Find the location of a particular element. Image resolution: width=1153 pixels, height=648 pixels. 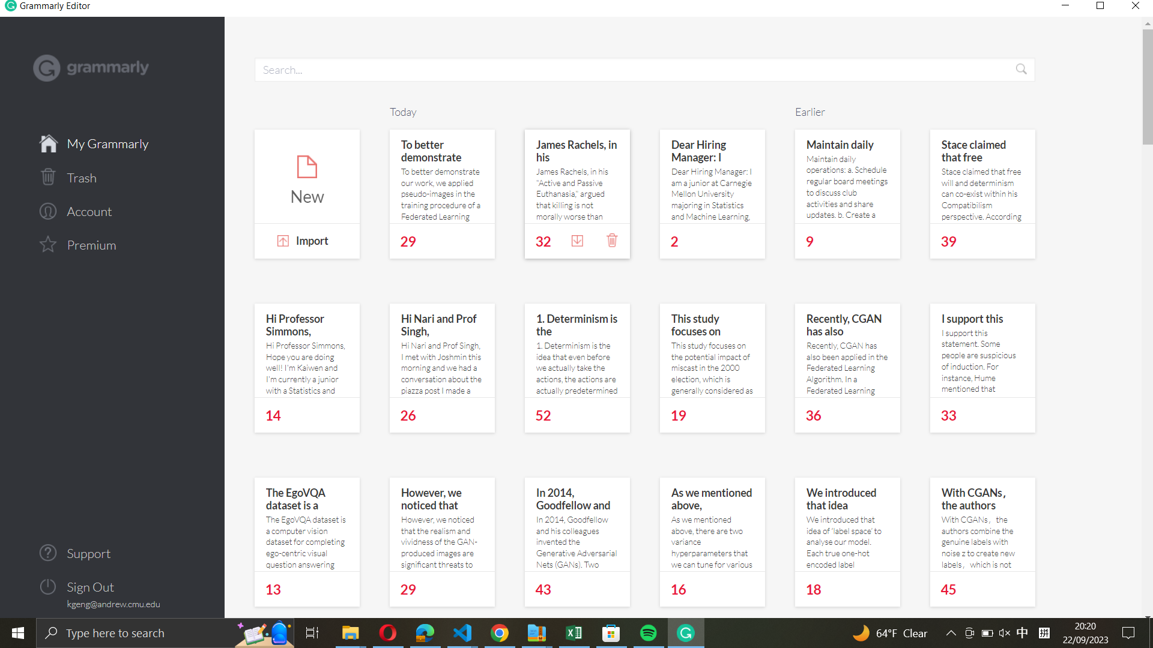

Scroll down to view more notes is located at coordinates (682, 353).